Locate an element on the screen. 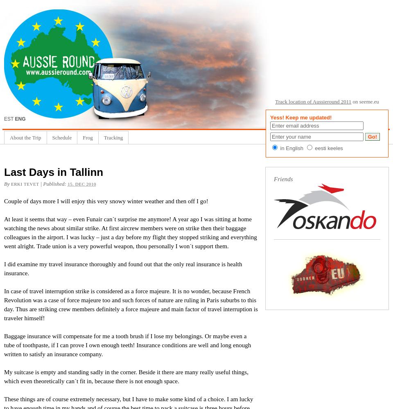  'on seeme.eu' is located at coordinates (364, 101).